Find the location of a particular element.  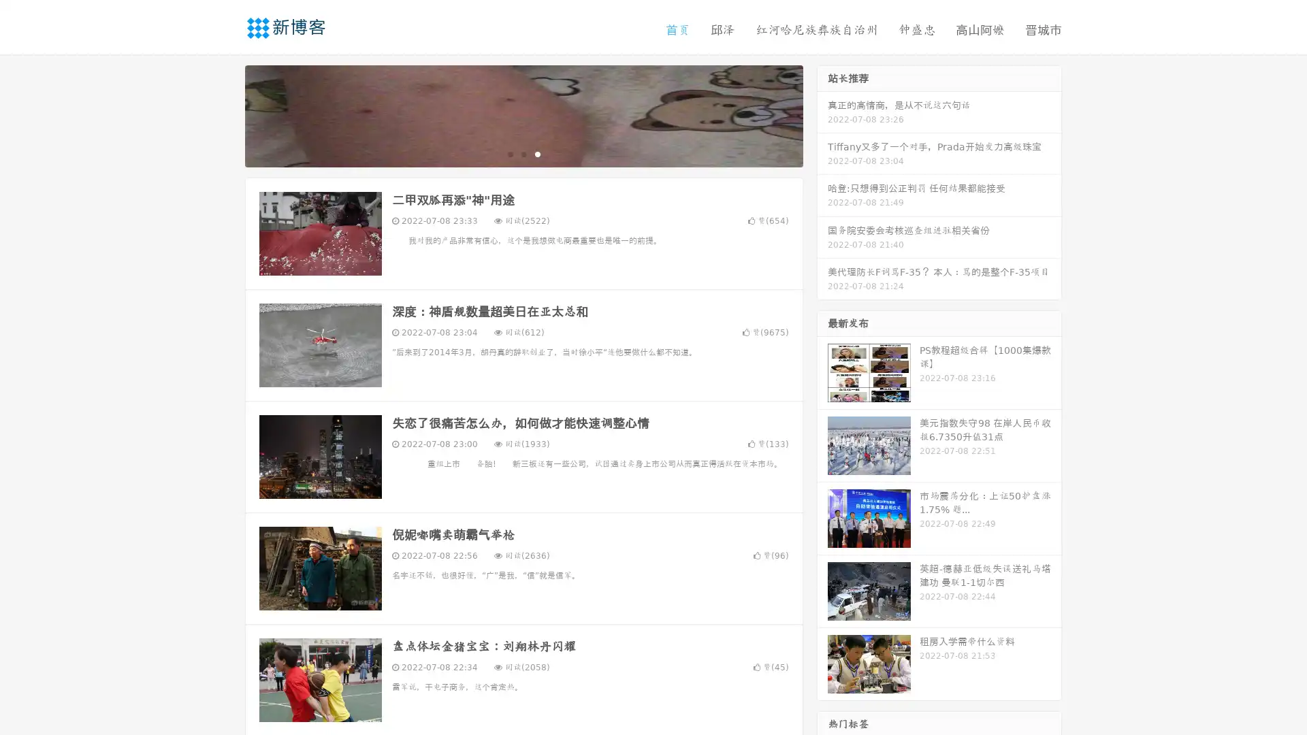

Go to slide 2 is located at coordinates (523, 153).